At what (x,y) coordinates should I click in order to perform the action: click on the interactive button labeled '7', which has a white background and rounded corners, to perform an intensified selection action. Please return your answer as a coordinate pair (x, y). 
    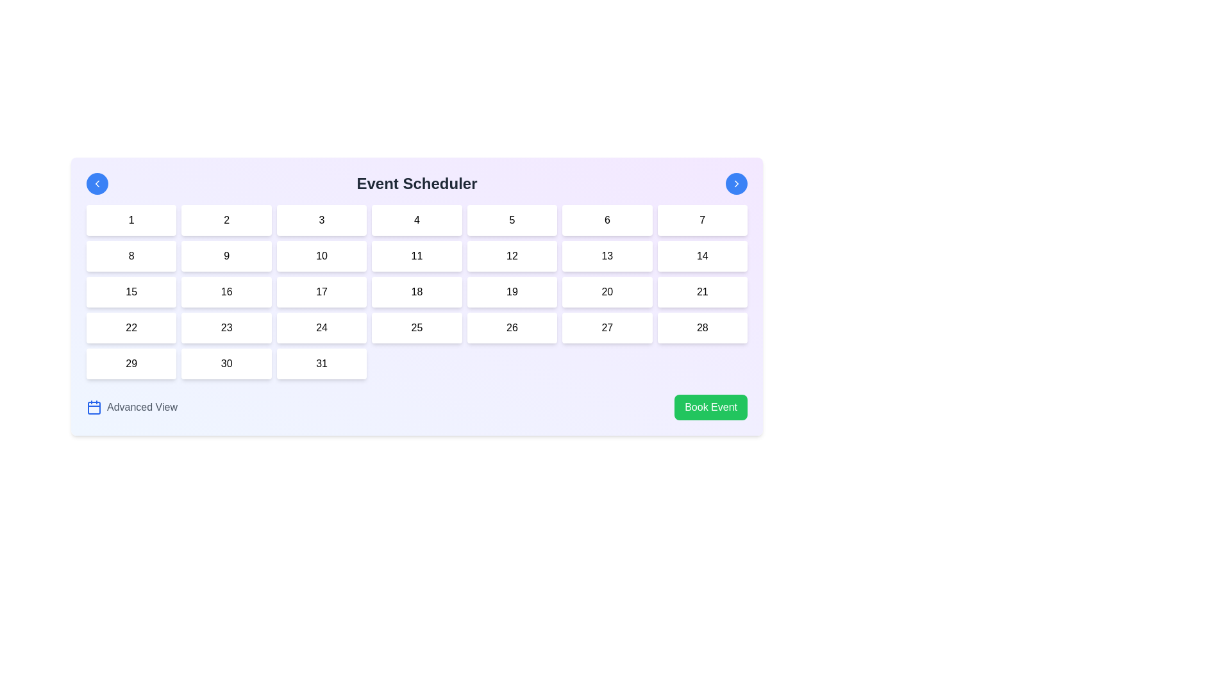
    Looking at the image, I should click on (701, 219).